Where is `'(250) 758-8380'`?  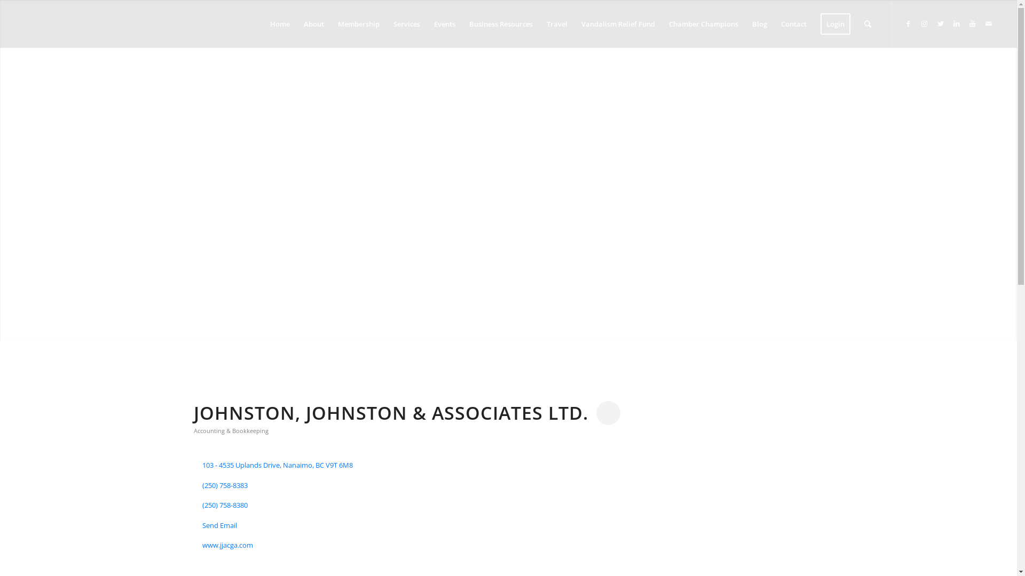
'(250) 758-8380' is located at coordinates (202, 505).